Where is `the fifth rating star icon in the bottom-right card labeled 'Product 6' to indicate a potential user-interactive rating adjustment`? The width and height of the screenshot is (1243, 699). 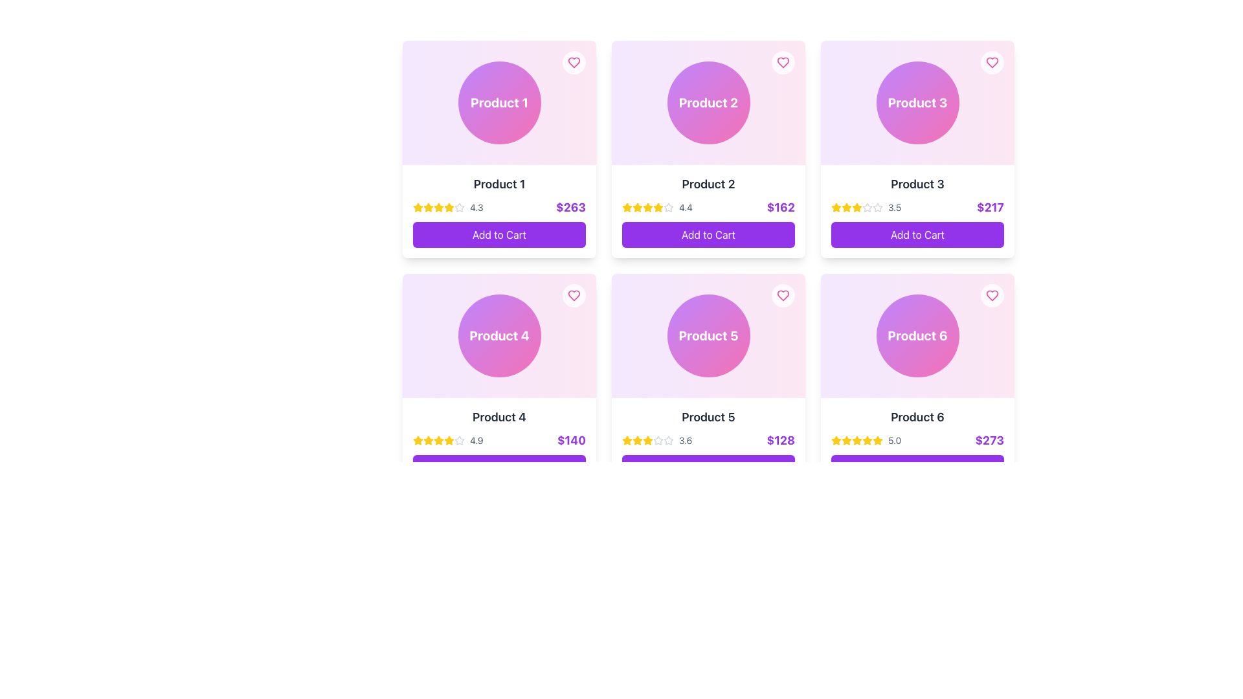
the fifth rating star icon in the bottom-right card labeled 'Product 6' to indicate a potential user-interactive rating adjustment is located at coordinates (836, 439).